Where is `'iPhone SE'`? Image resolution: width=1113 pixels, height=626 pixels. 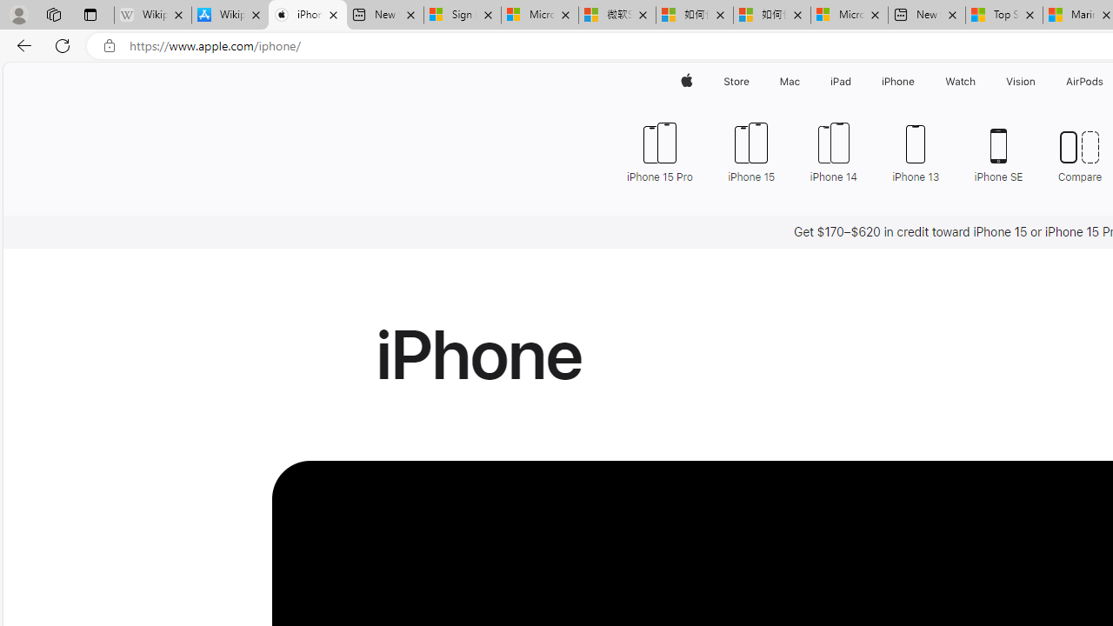 'iPhone SE' is located at coordinates (998, 150).